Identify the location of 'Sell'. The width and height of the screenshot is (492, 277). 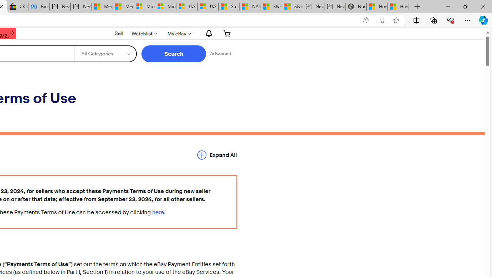
(118, 33).